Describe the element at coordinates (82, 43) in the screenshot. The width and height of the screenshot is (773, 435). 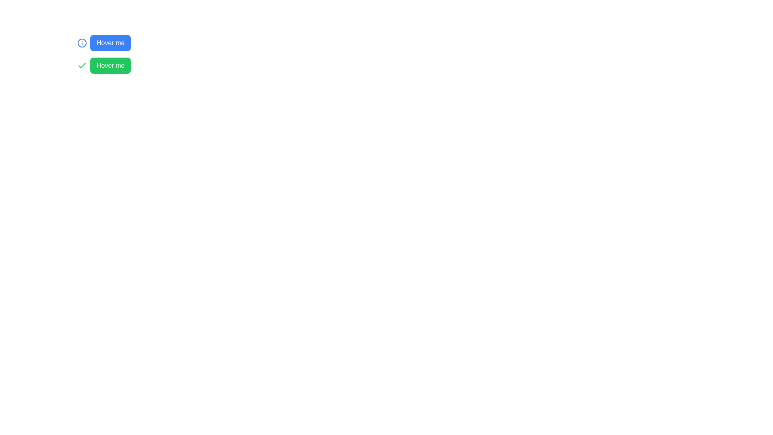
I see `the informational icon located to the left of the 'Hover me' text to observe for tooltip or additional information` at that location.